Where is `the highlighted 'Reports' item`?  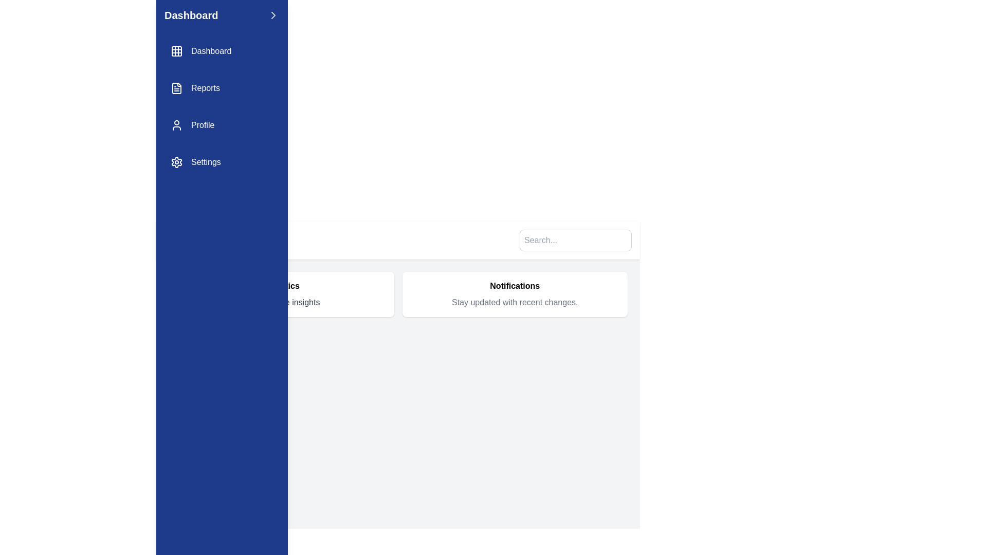 the highlighted 'Reports' item is located at coordinates (222, 107).